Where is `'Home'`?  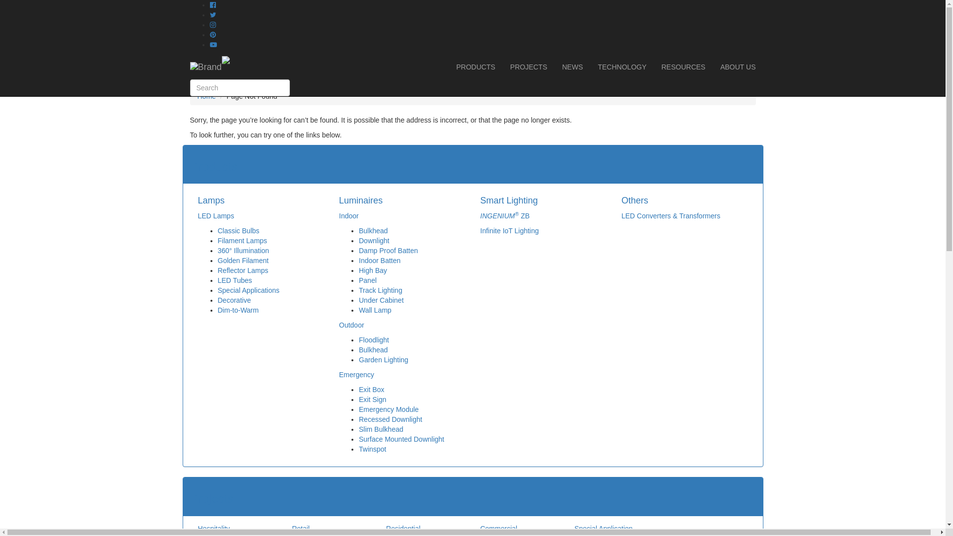 'Home' is located at coordinates (198, 96).